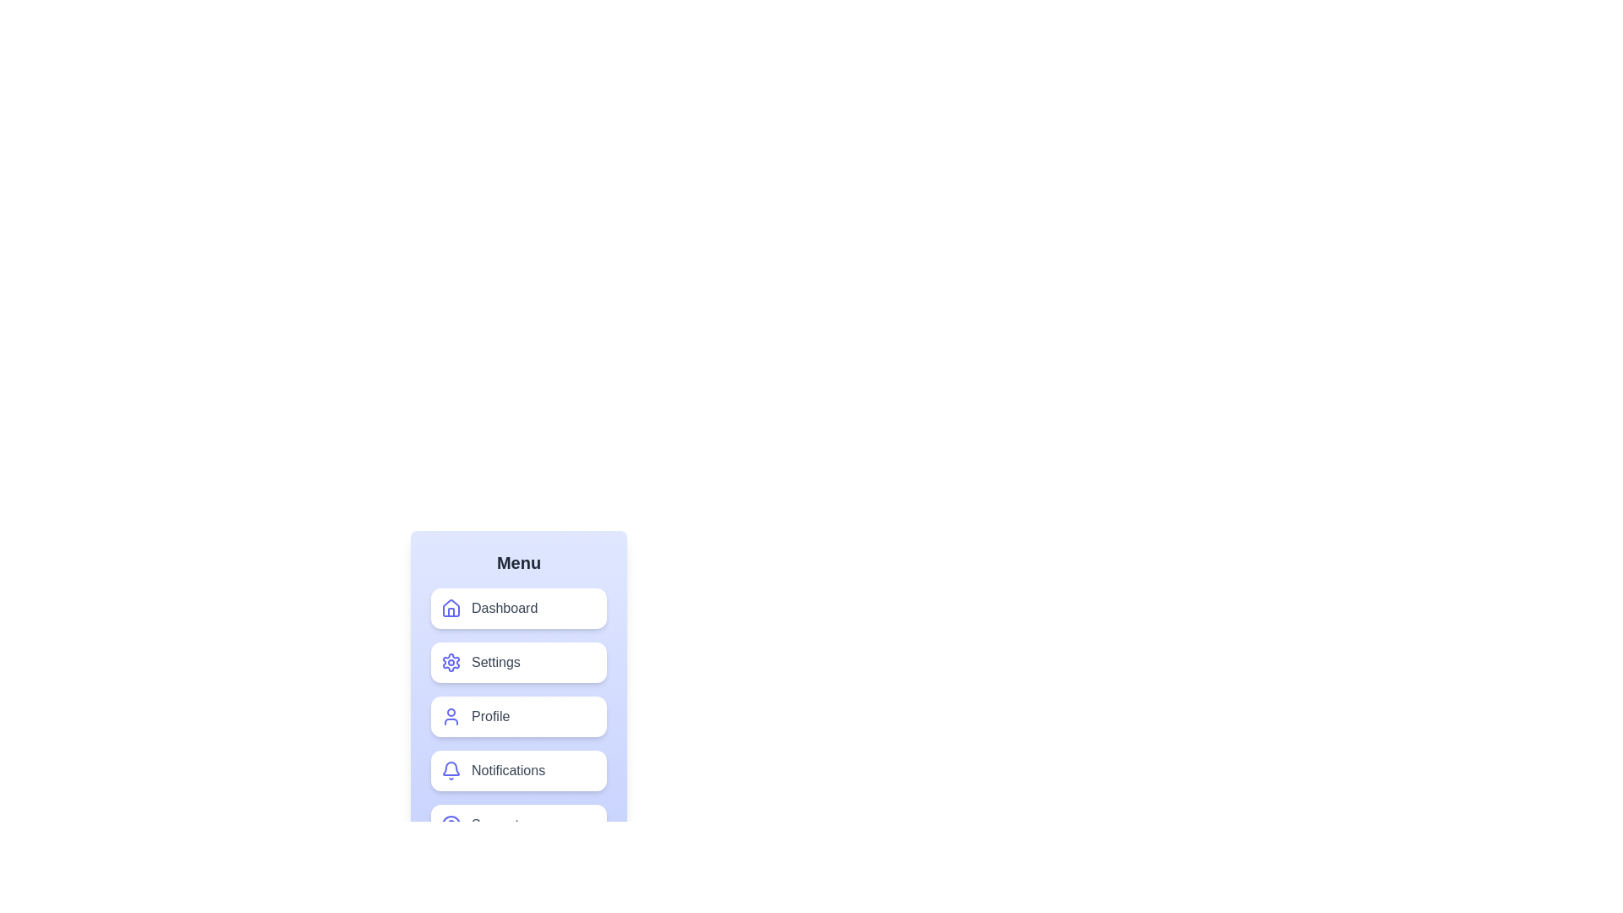 This screenshot has width=1623, height=913. I want to click on the 'Settings' text label, which is a medium-sized gray text that turns white on hover, located below 'Dashboard' and above 'Profile' in the menu, so click(495, 661).